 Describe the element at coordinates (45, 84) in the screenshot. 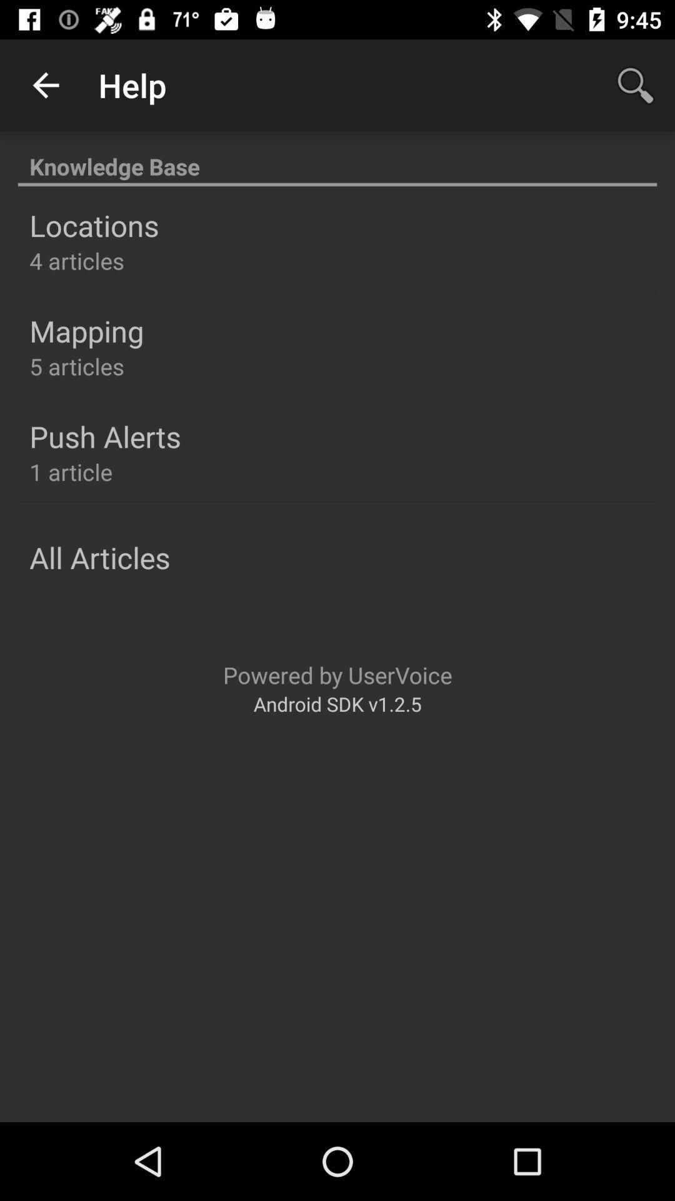

I see `the icon next to help` at that location.